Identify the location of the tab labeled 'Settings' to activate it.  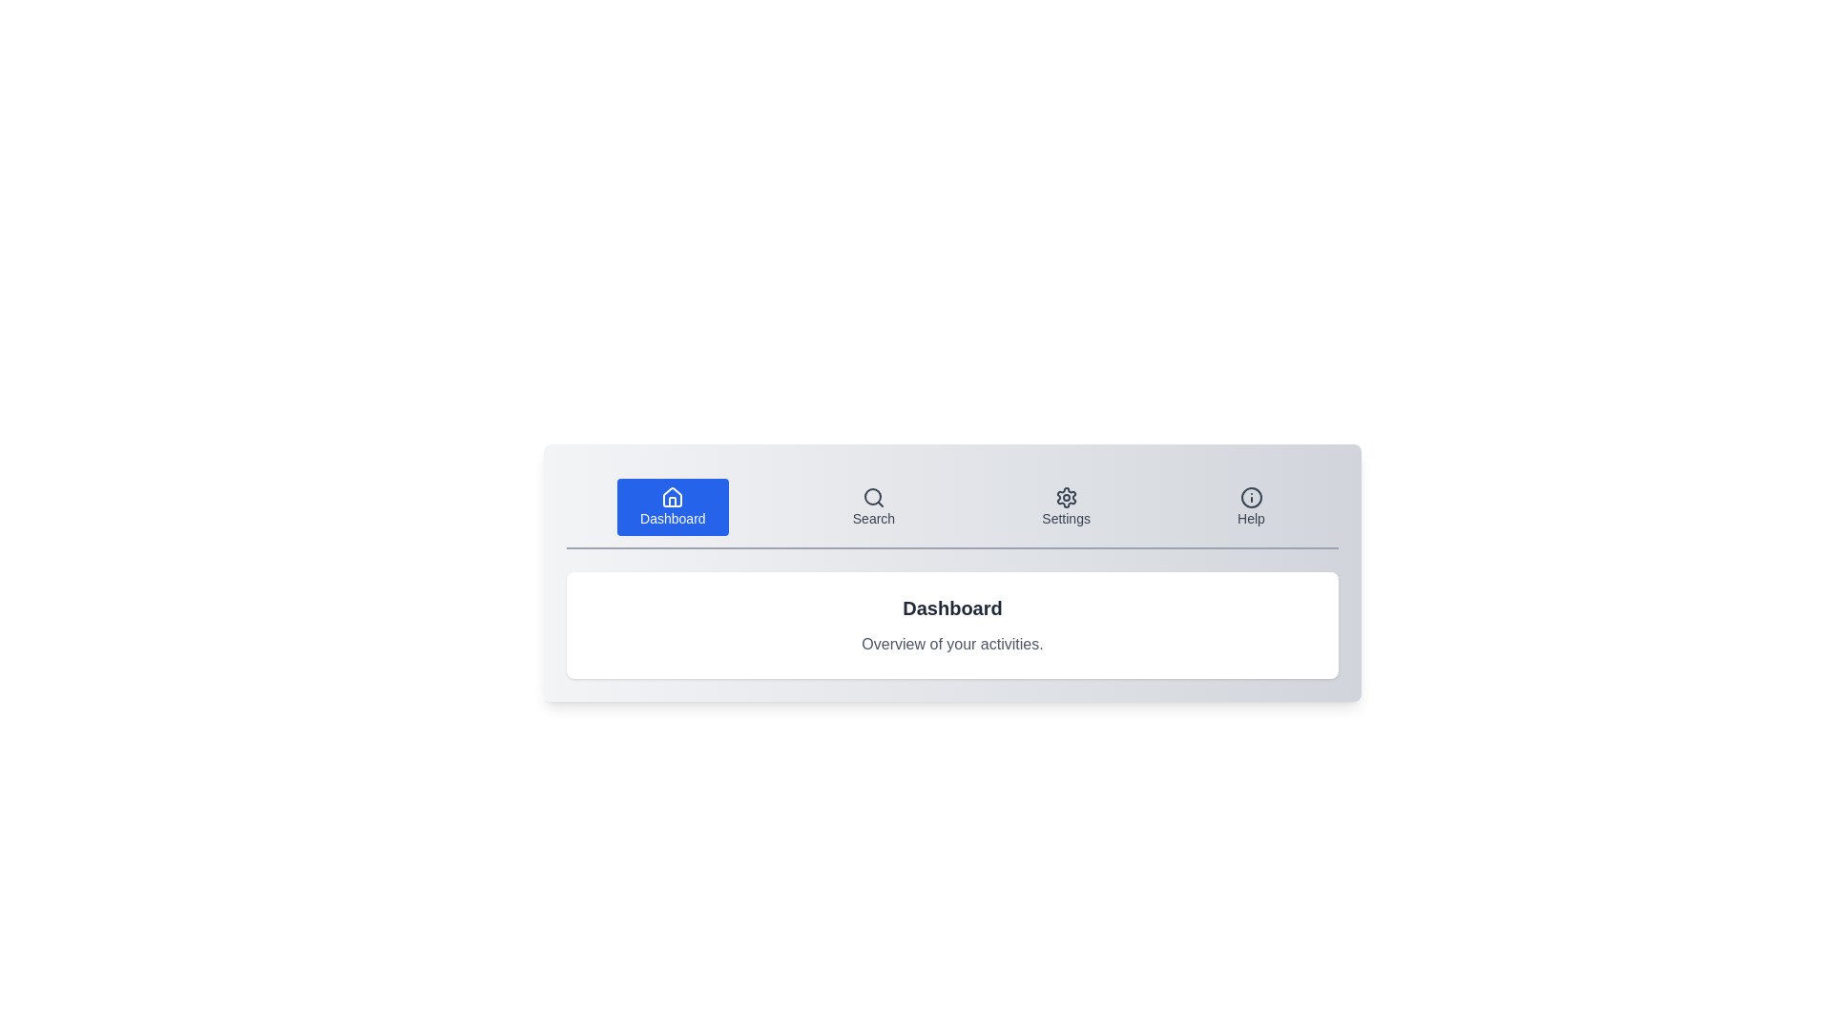
(1065, 506).